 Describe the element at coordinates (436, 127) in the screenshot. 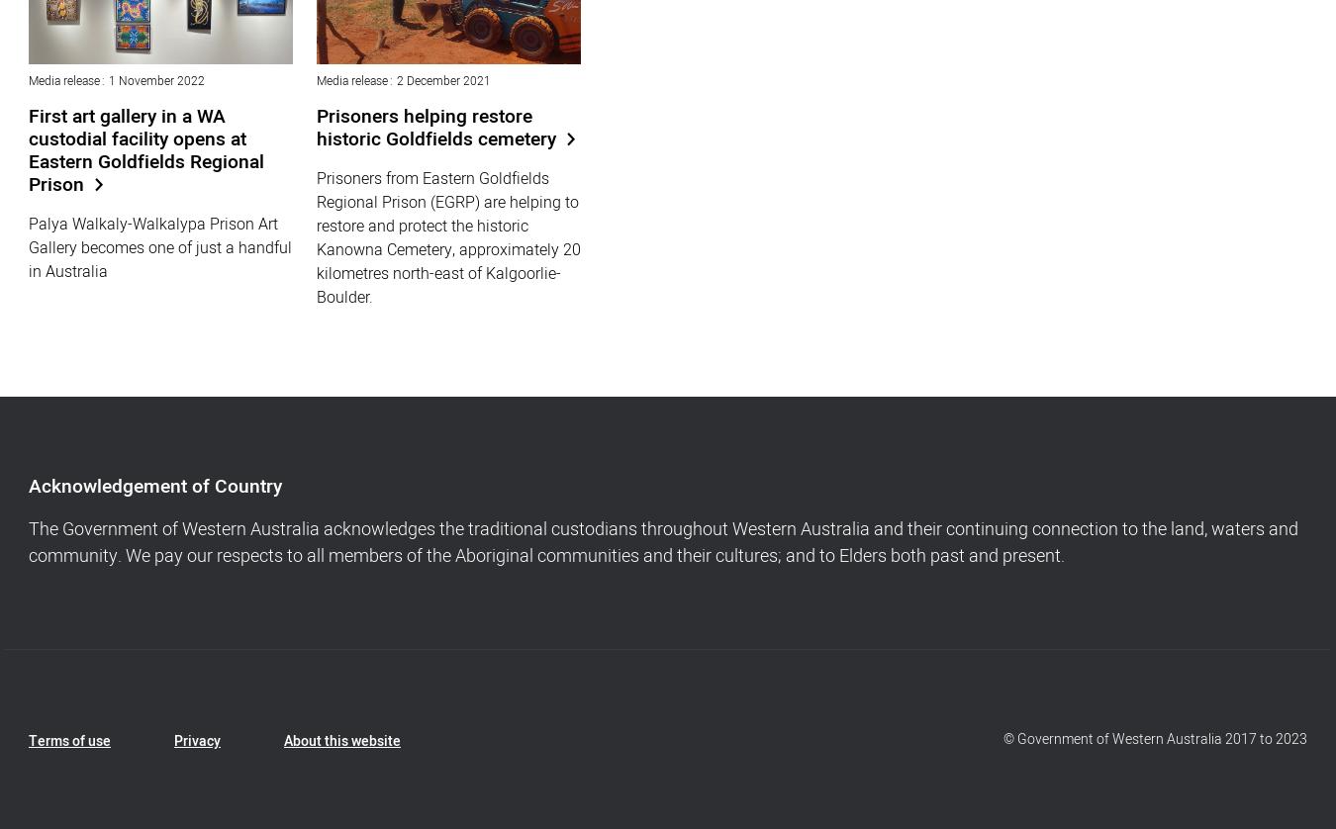

I see `'Prisoners helping restore historic Goldfields cemetery'` at that location.